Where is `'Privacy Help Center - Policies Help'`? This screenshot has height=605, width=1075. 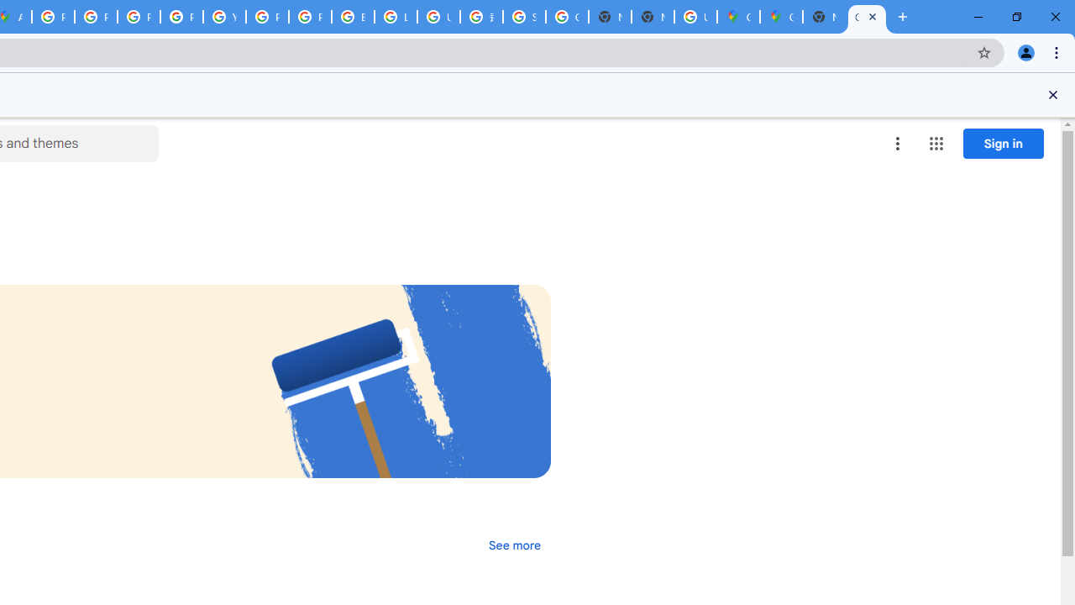
'Privacy Help Center - Policies Help' is located at coordinates (139, 17).